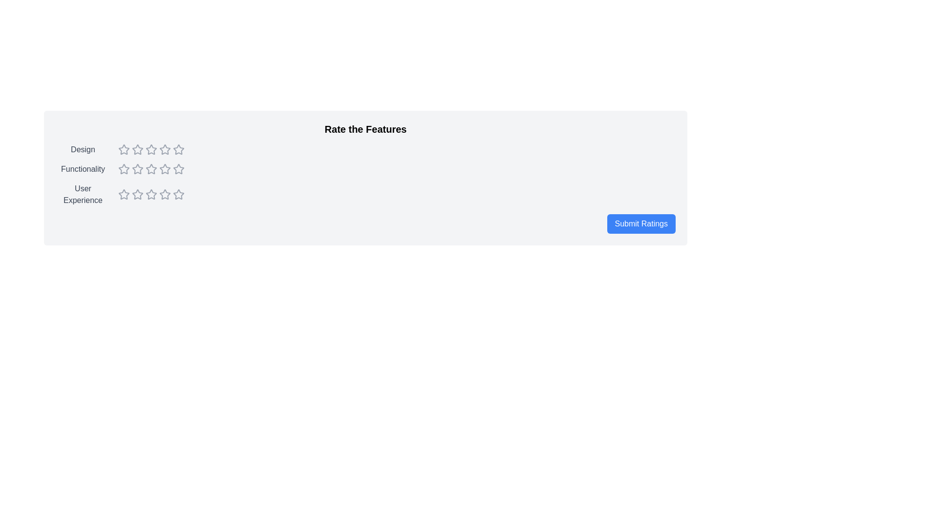 Image resolution: width=938 pixels, height=527 pixels. Describe the element at coordinates (151, 169) in the screenshot. I see `the third star` at that location.